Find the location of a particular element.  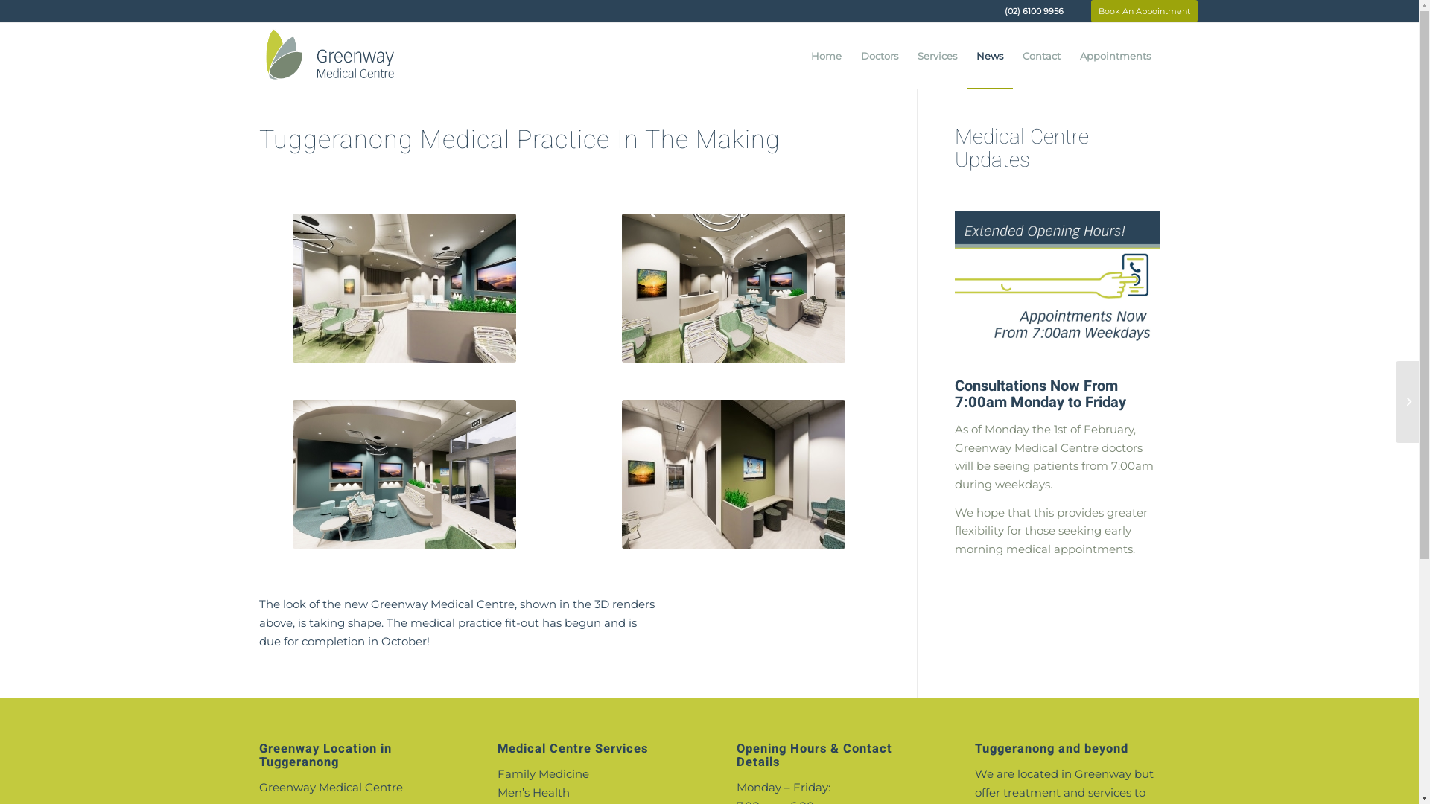

'Book An Appointment' is located at coordinates (1143, 11).